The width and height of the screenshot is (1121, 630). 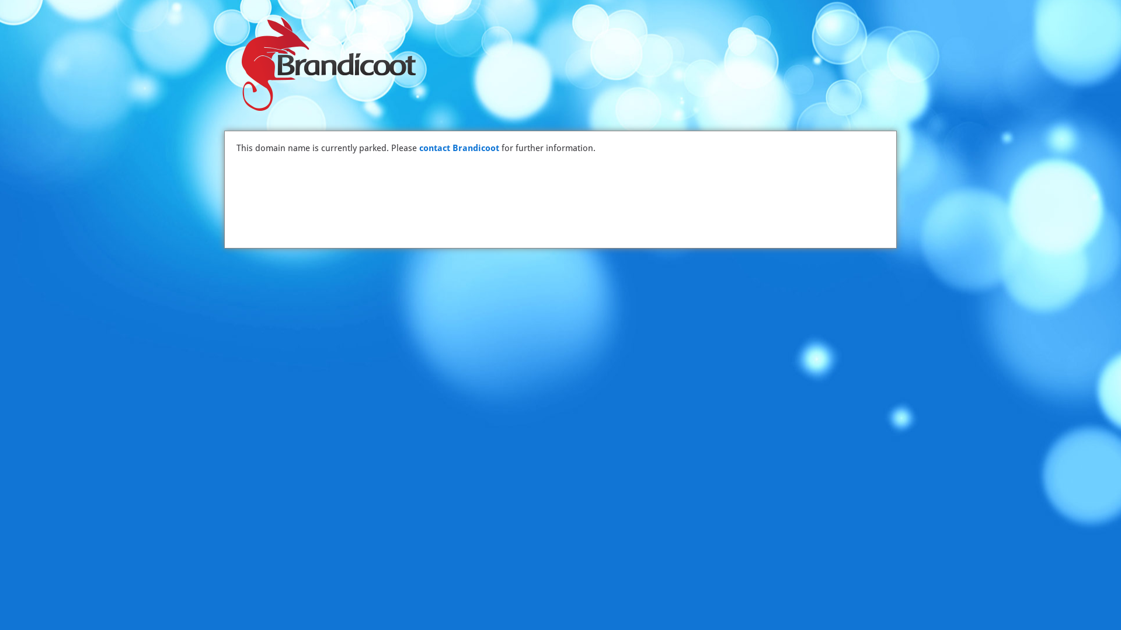 I want to click on 'contact Brandicoot', so click(x=458, y=148).